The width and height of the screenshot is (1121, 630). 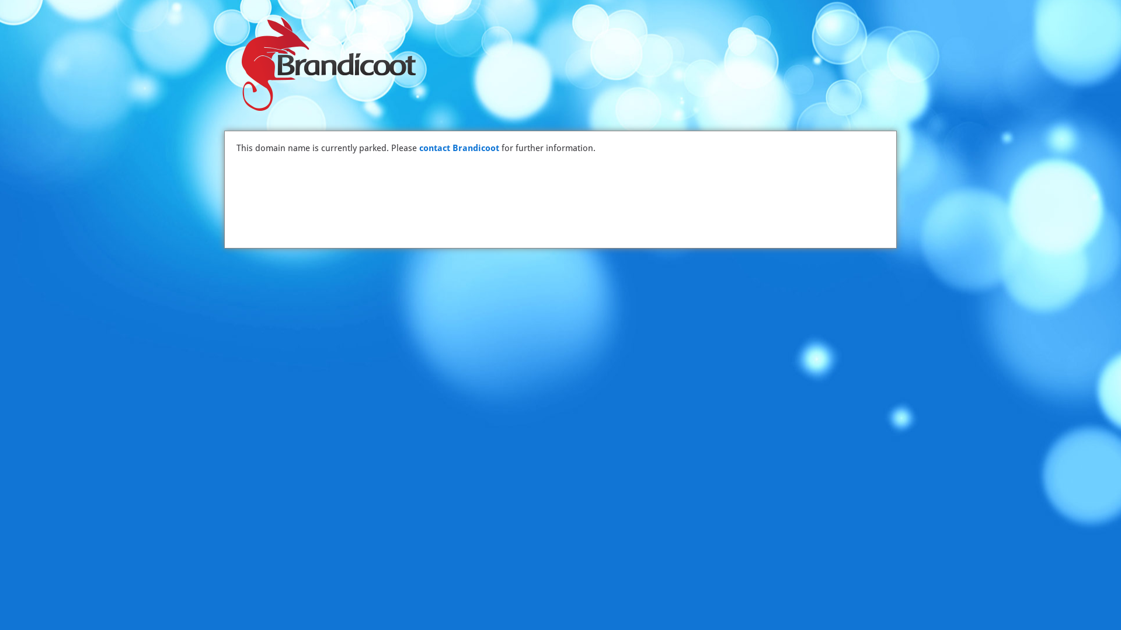 I want to click on 'contact Brandicoot', so click(x=458, y=148).